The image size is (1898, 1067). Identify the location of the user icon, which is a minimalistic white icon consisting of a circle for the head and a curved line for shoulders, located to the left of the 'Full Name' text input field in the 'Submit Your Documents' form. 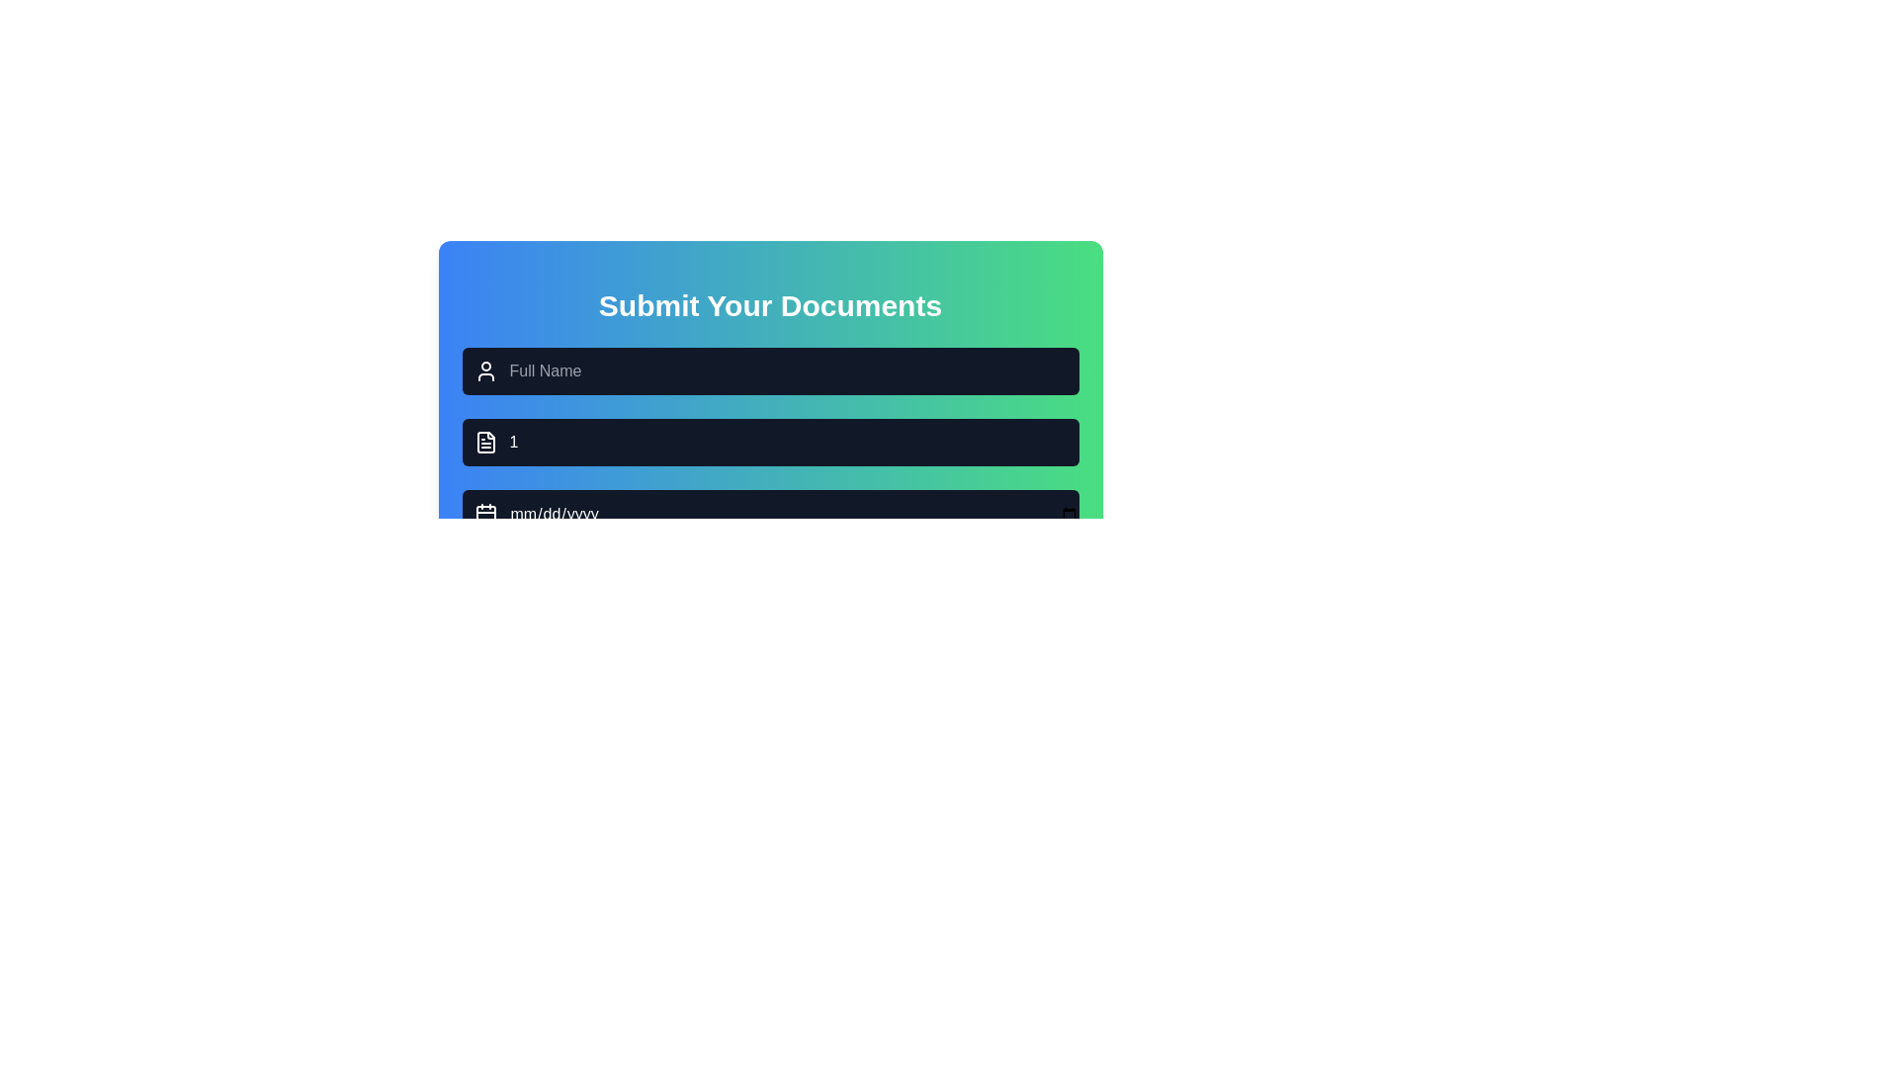
(485, 370).